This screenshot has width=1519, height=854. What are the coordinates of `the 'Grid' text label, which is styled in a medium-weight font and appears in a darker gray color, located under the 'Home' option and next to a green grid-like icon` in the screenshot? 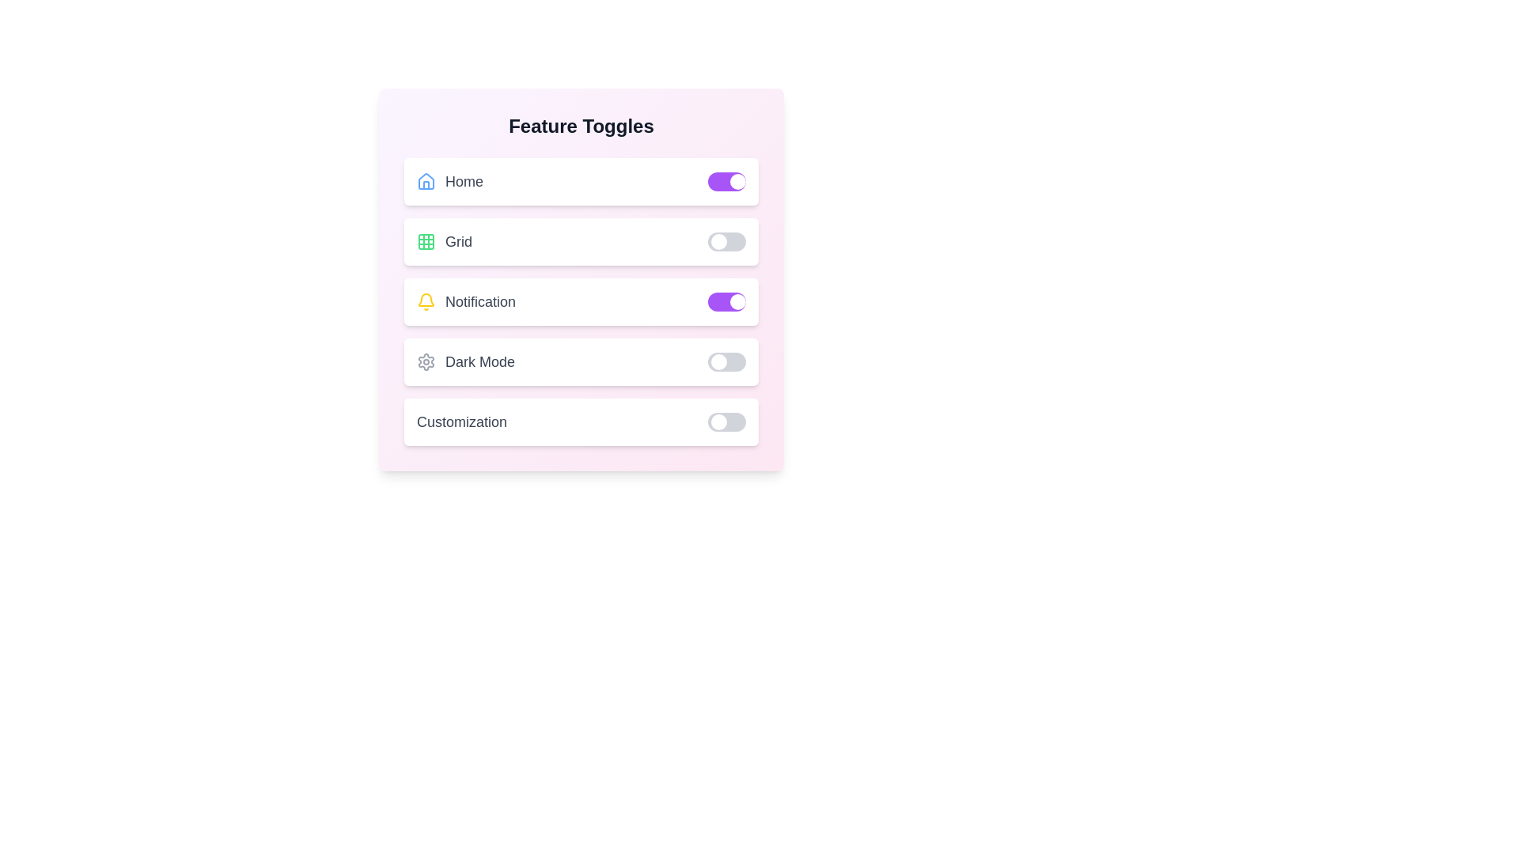 It's located at (458, 241).